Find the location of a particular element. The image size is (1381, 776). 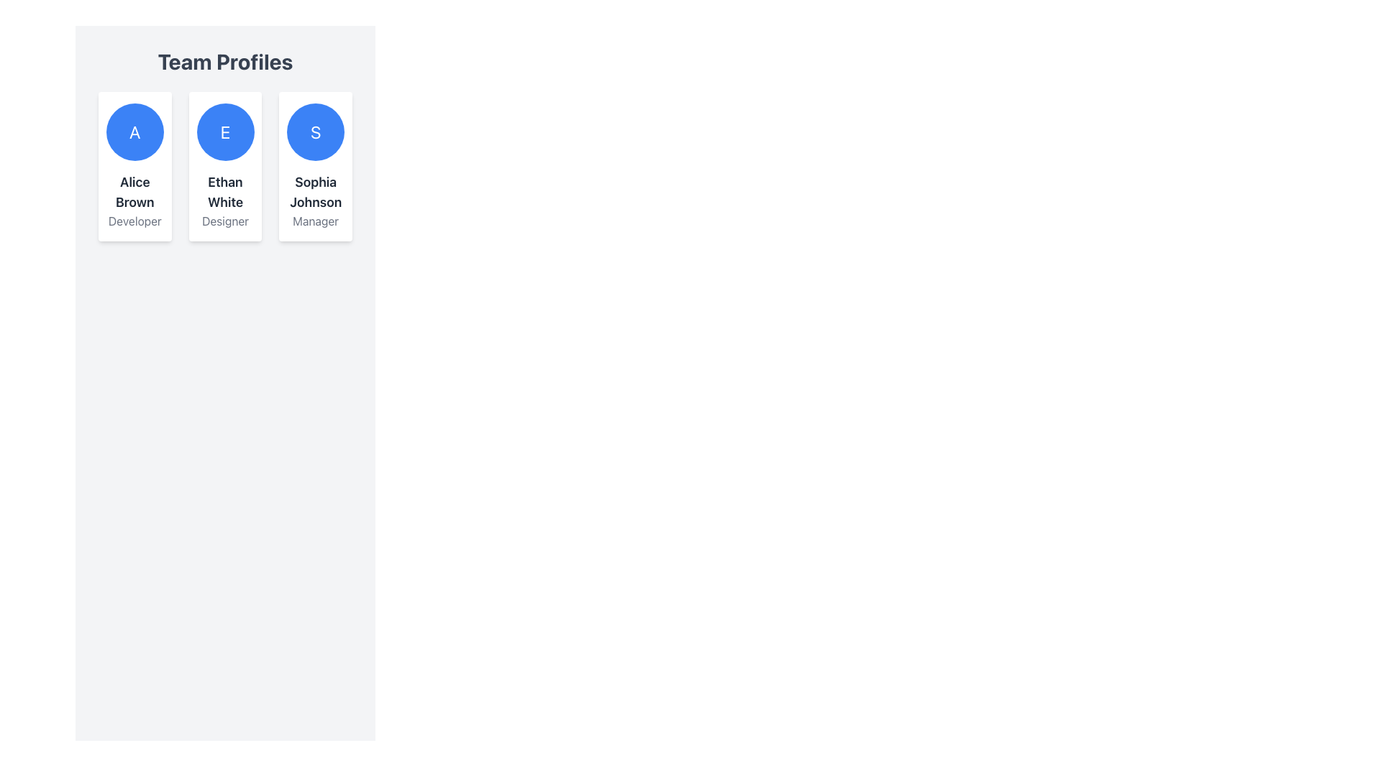

the text label displaying 'Developer' in a grayish font, located in the first profile card below the name 'Alice Brown' is located at coordinates (135, 221).